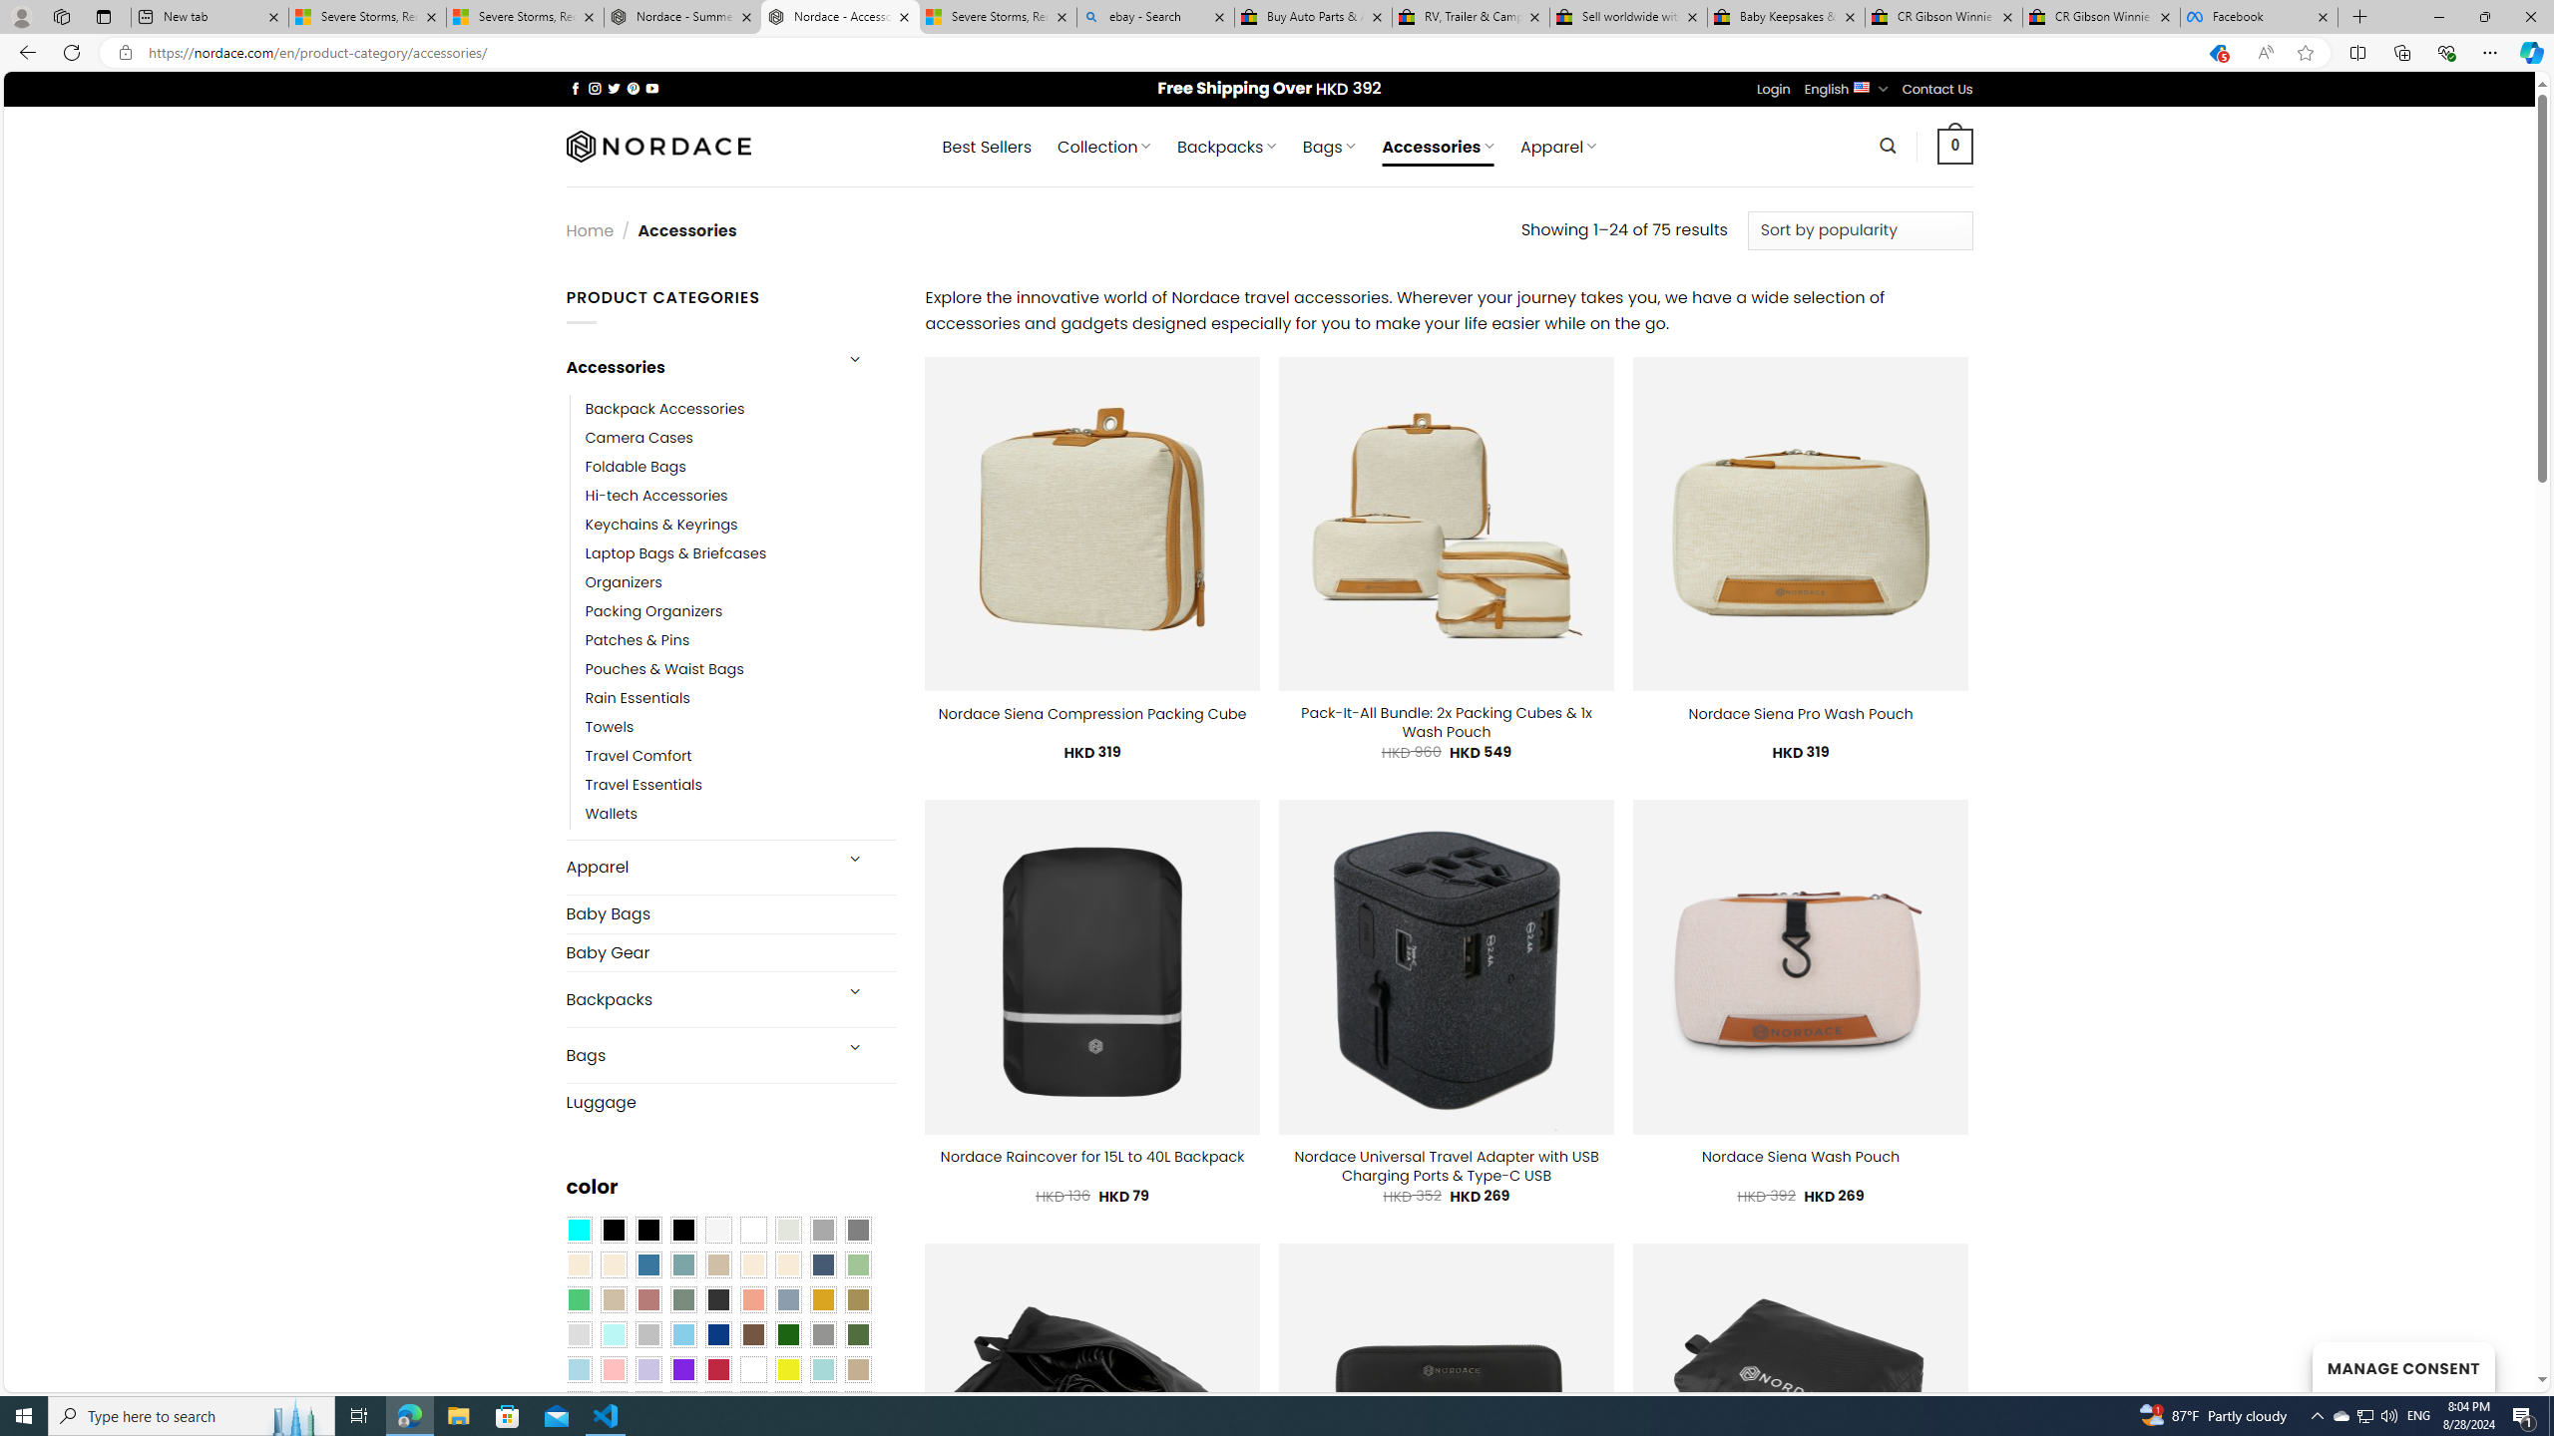 The height and width of the screenshot is (1436, 2554). I want to click on 'MANAGE CONSENT', so click(2402, 1366).